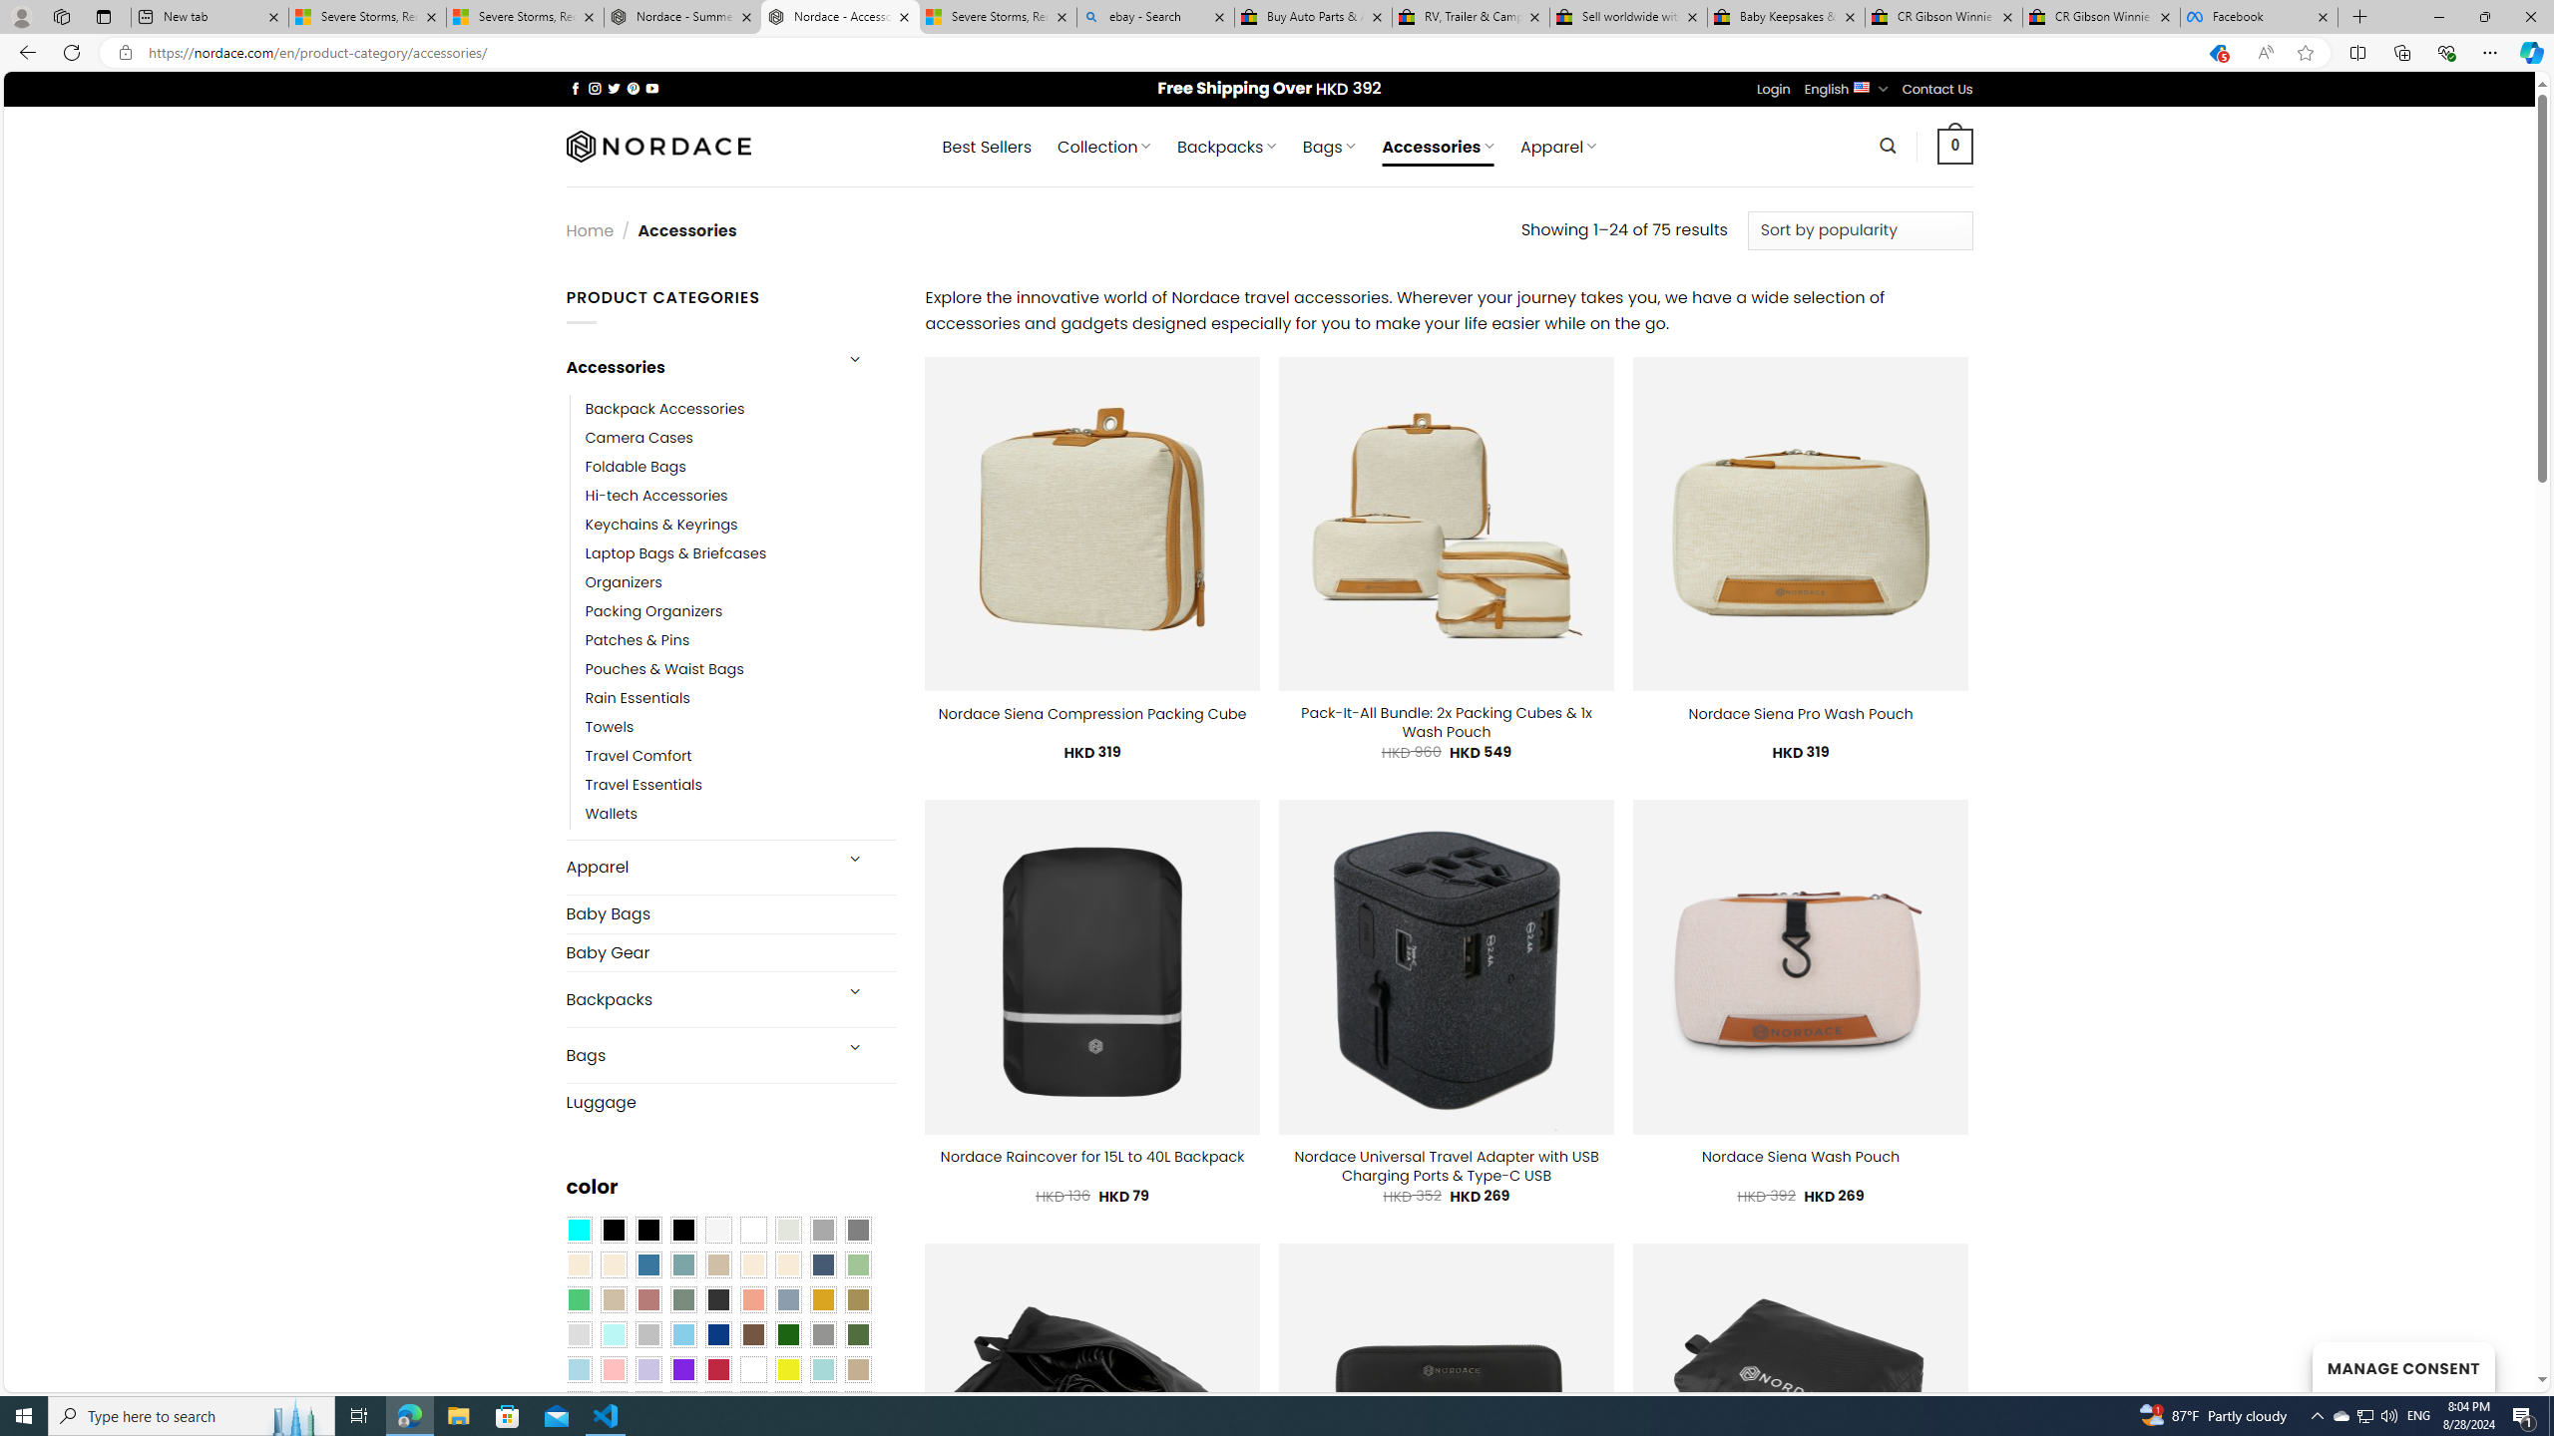 The height and width of the screenshot is (1436, 2554). I want to click on 'MANAGE CONSENT', so click(2402, 1366).